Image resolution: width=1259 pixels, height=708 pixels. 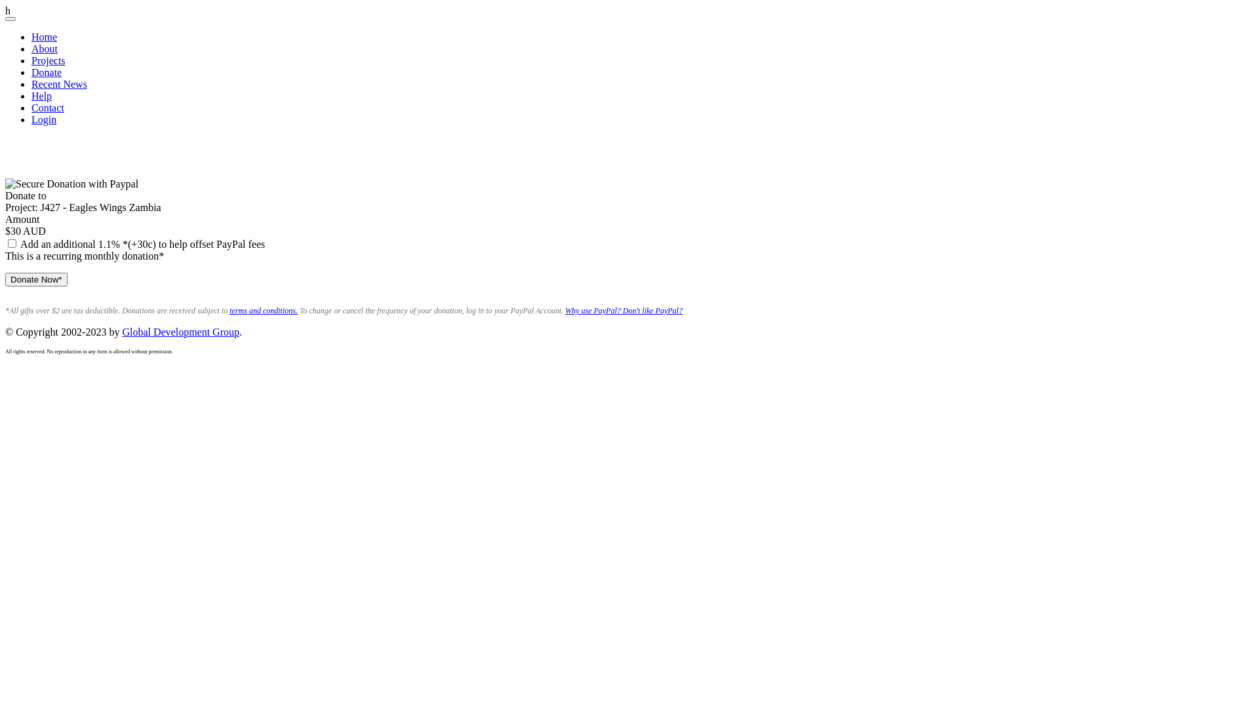 What do you see at coordinates (36, 279) in the screenshot?
I see `'Donate Now*'` at bounding box center [36, 279].